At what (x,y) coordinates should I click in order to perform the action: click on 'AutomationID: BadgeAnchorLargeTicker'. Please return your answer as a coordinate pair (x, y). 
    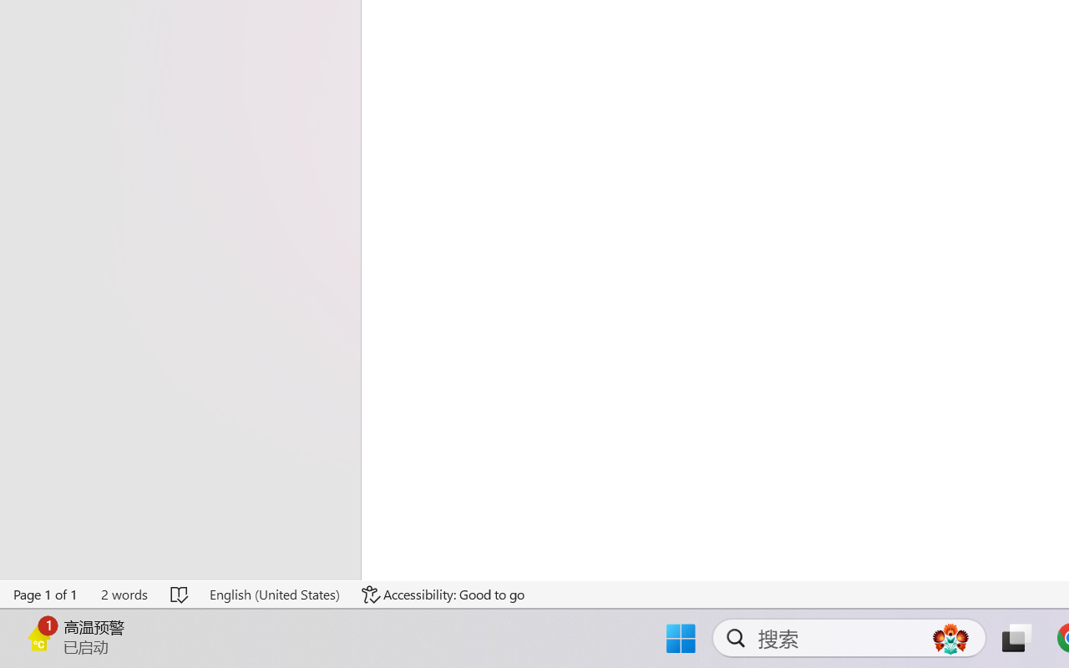
    Looking at the image, I should click on (38, 636).